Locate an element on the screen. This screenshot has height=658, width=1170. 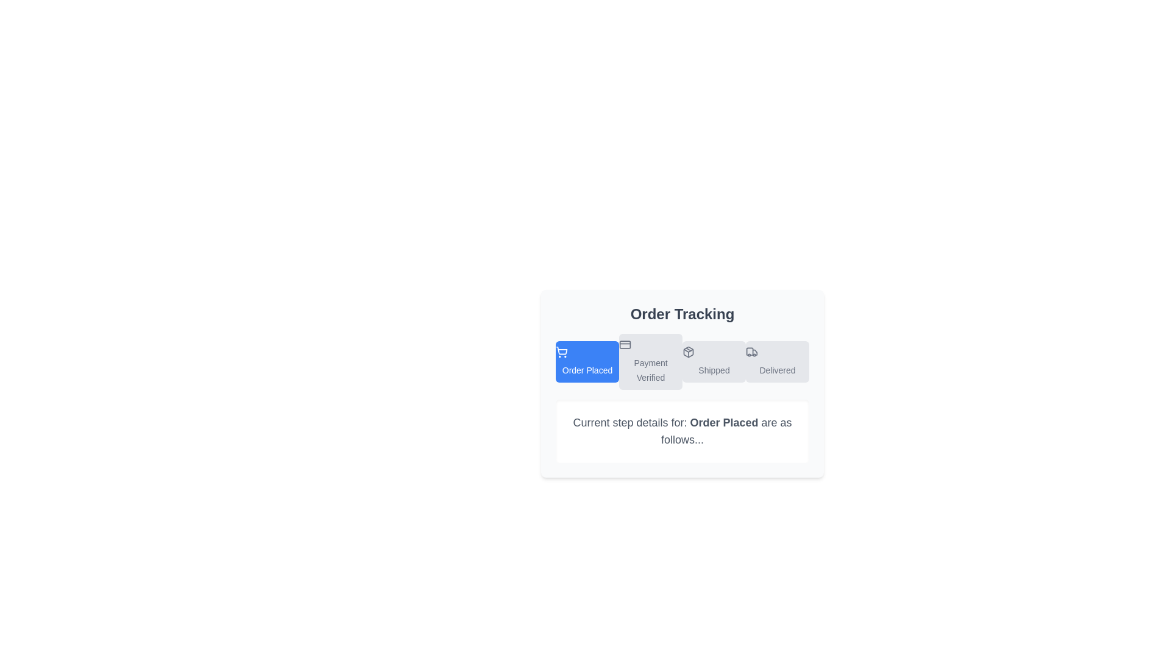
the static text label displaying the word 'Delivered' which indicates the delivery status in the order tracking tab is located at coordinates (777, 370).